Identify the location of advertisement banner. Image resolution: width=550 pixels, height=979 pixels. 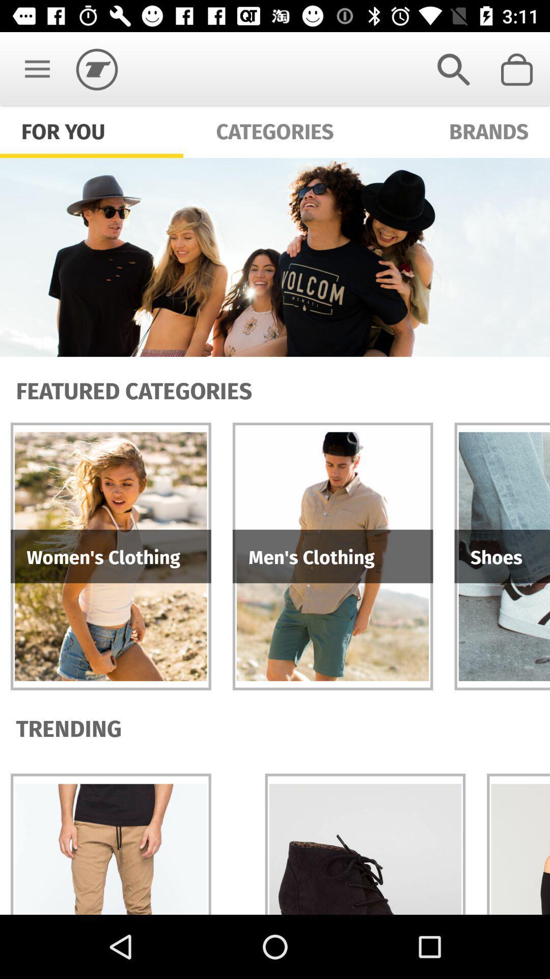
(275, 257).